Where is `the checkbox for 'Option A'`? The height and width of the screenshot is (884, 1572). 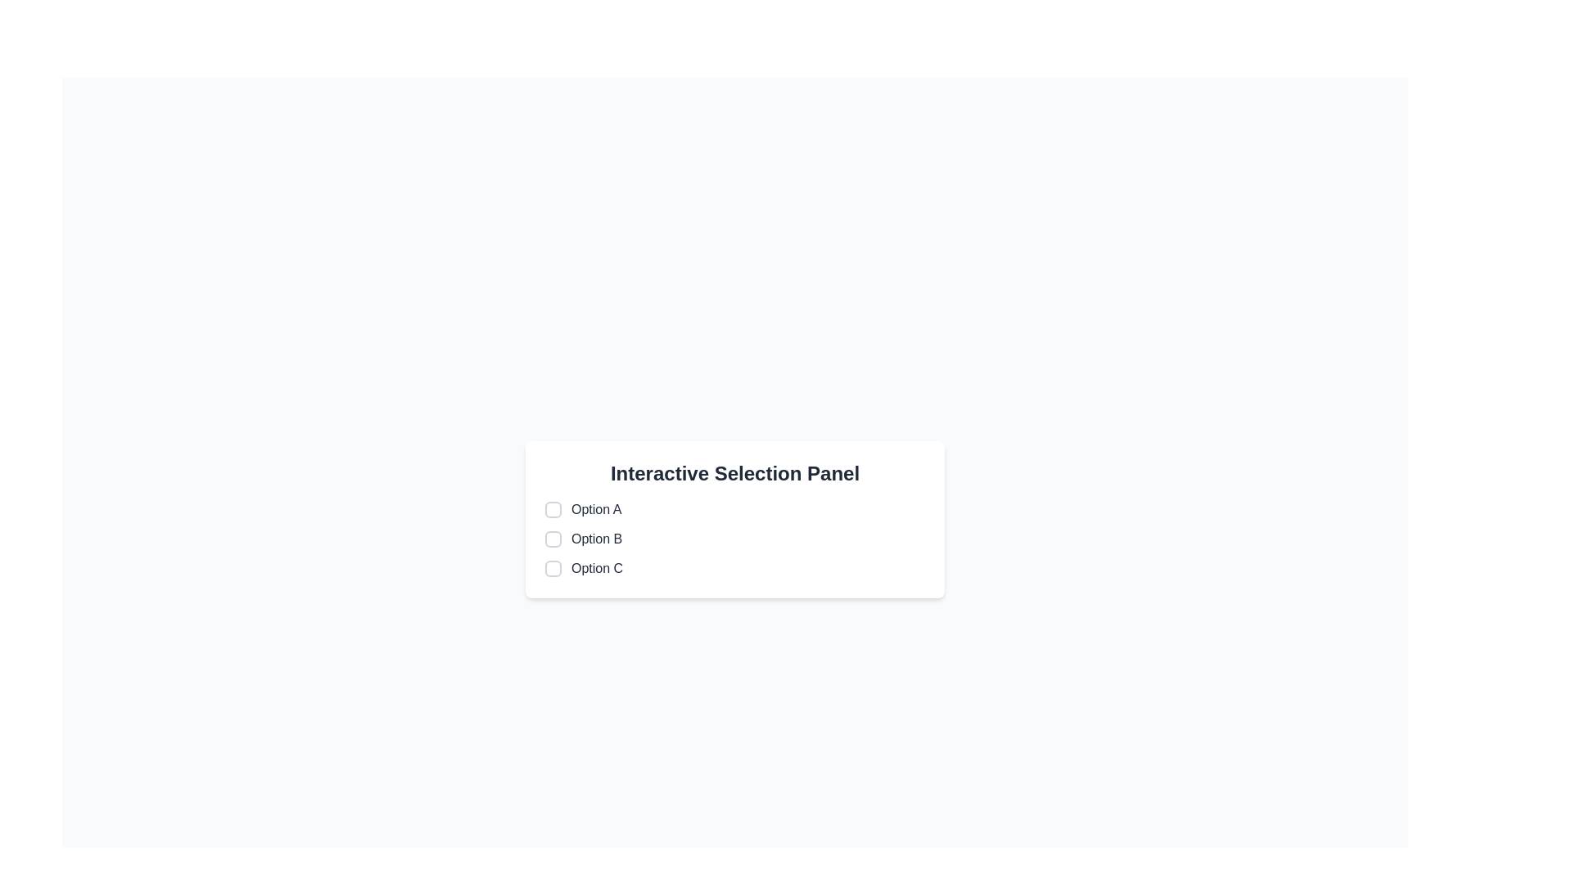 the checkbox for 'Option A' is located at coordinates (553, 509).